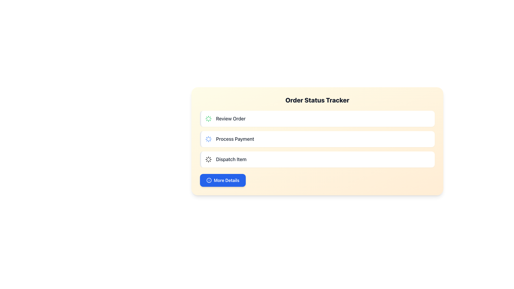  I want to click on the status of the Progress Step Card labeled 'Process Payment', which is the middle card in the 'Order Status Tracker' section, so click(317, 139).